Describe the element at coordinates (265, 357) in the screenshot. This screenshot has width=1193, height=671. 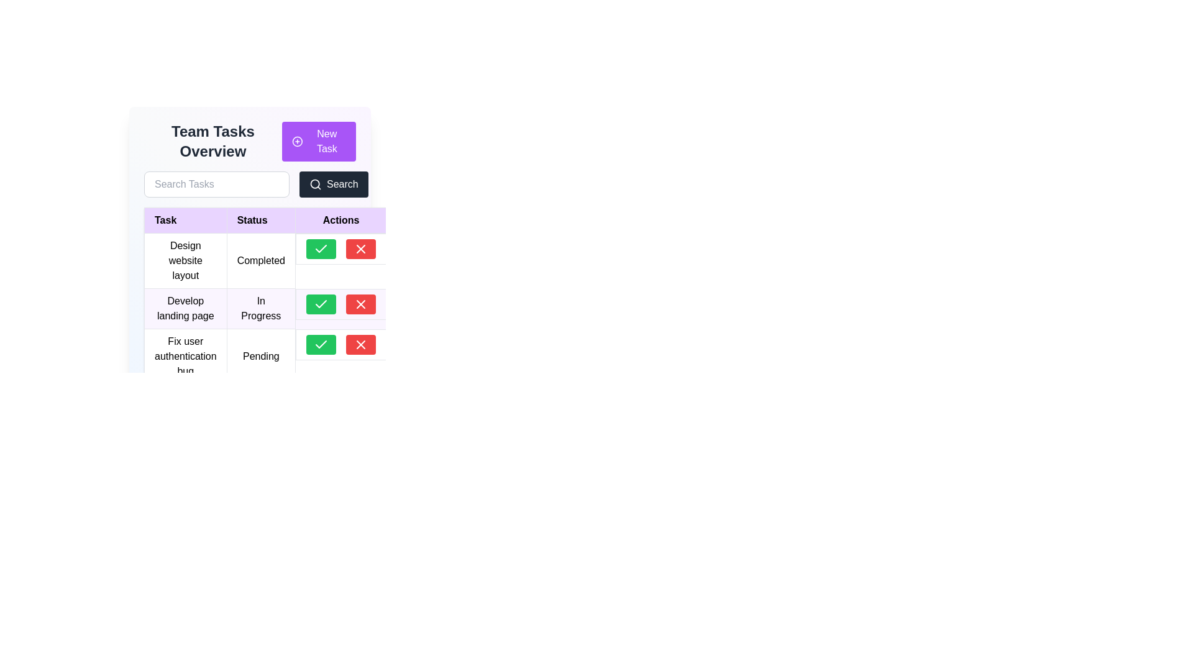
I see `the row entry displaying 'Fix user authentication bug' and its status 'Pending'` at that location.